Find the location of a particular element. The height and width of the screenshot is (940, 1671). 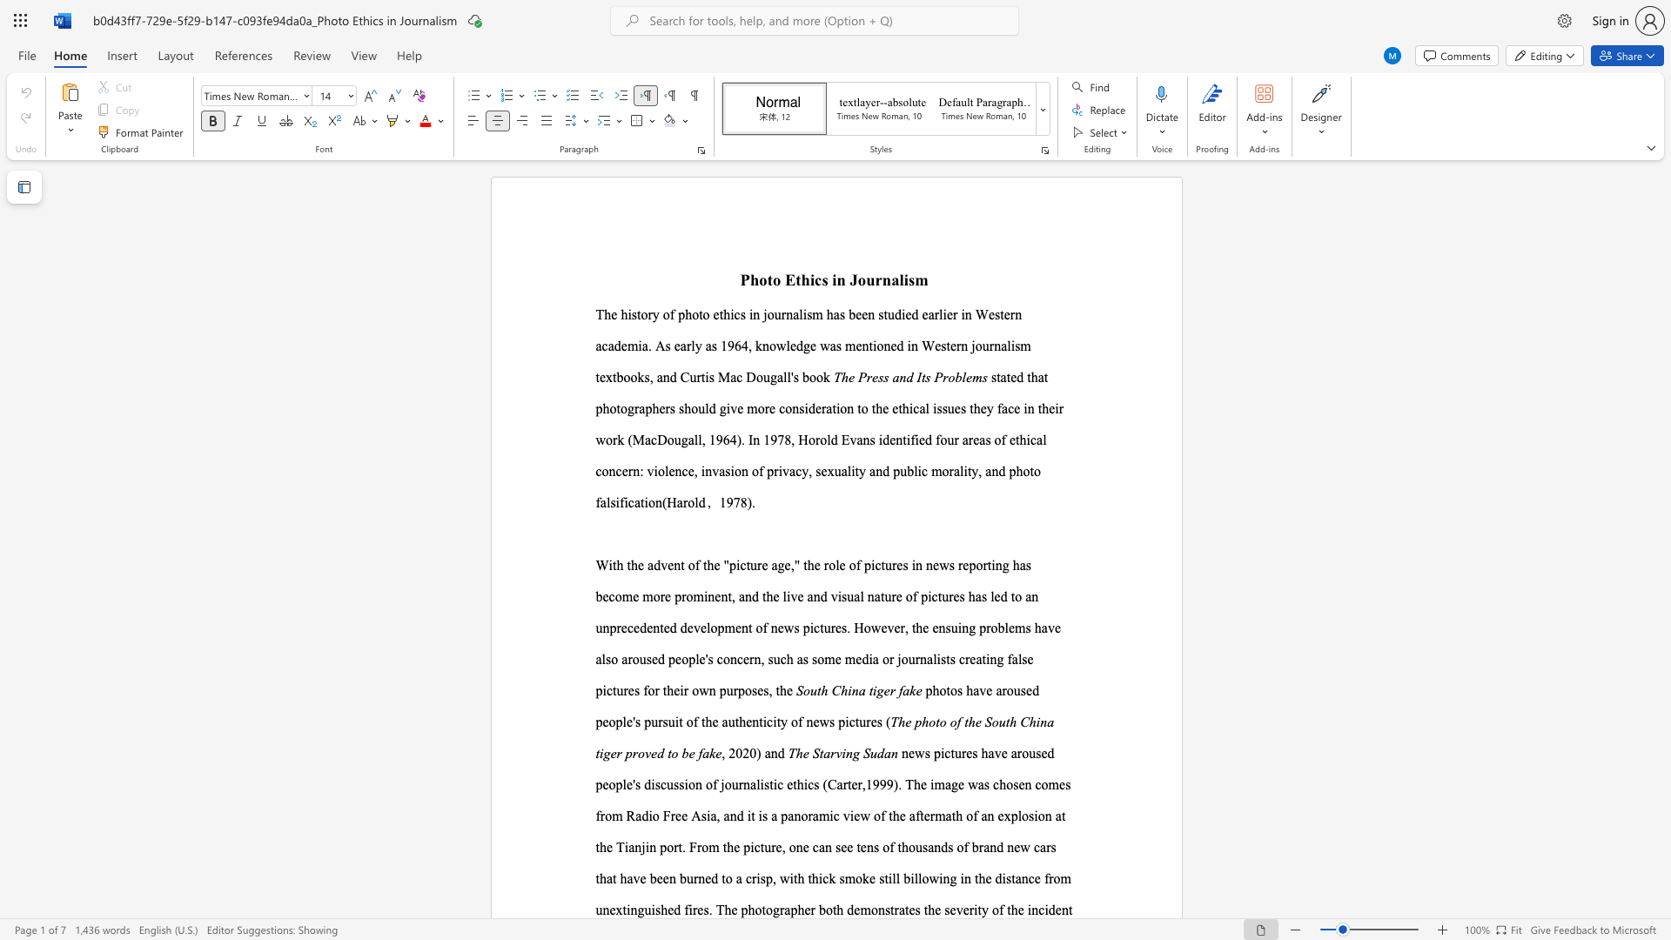

the 1th character "r" in the text is located at coordinates (878, 279).